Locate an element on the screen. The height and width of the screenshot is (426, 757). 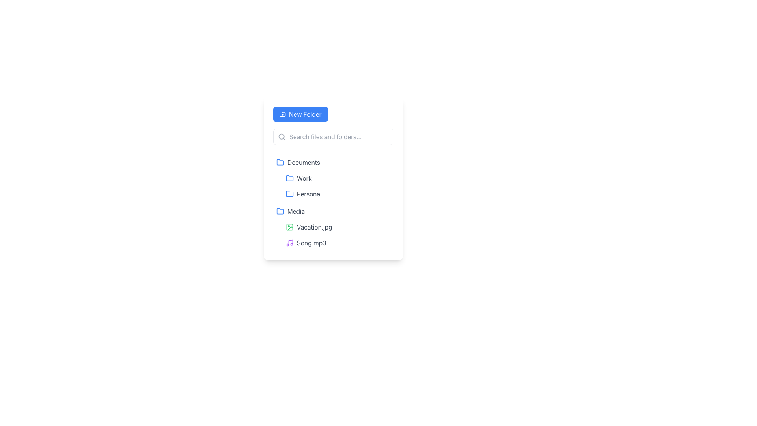
the 'Song.mp3' file entry row, which is represented by a light gray button with a purple music note icon is located at coordinates (338, 243).